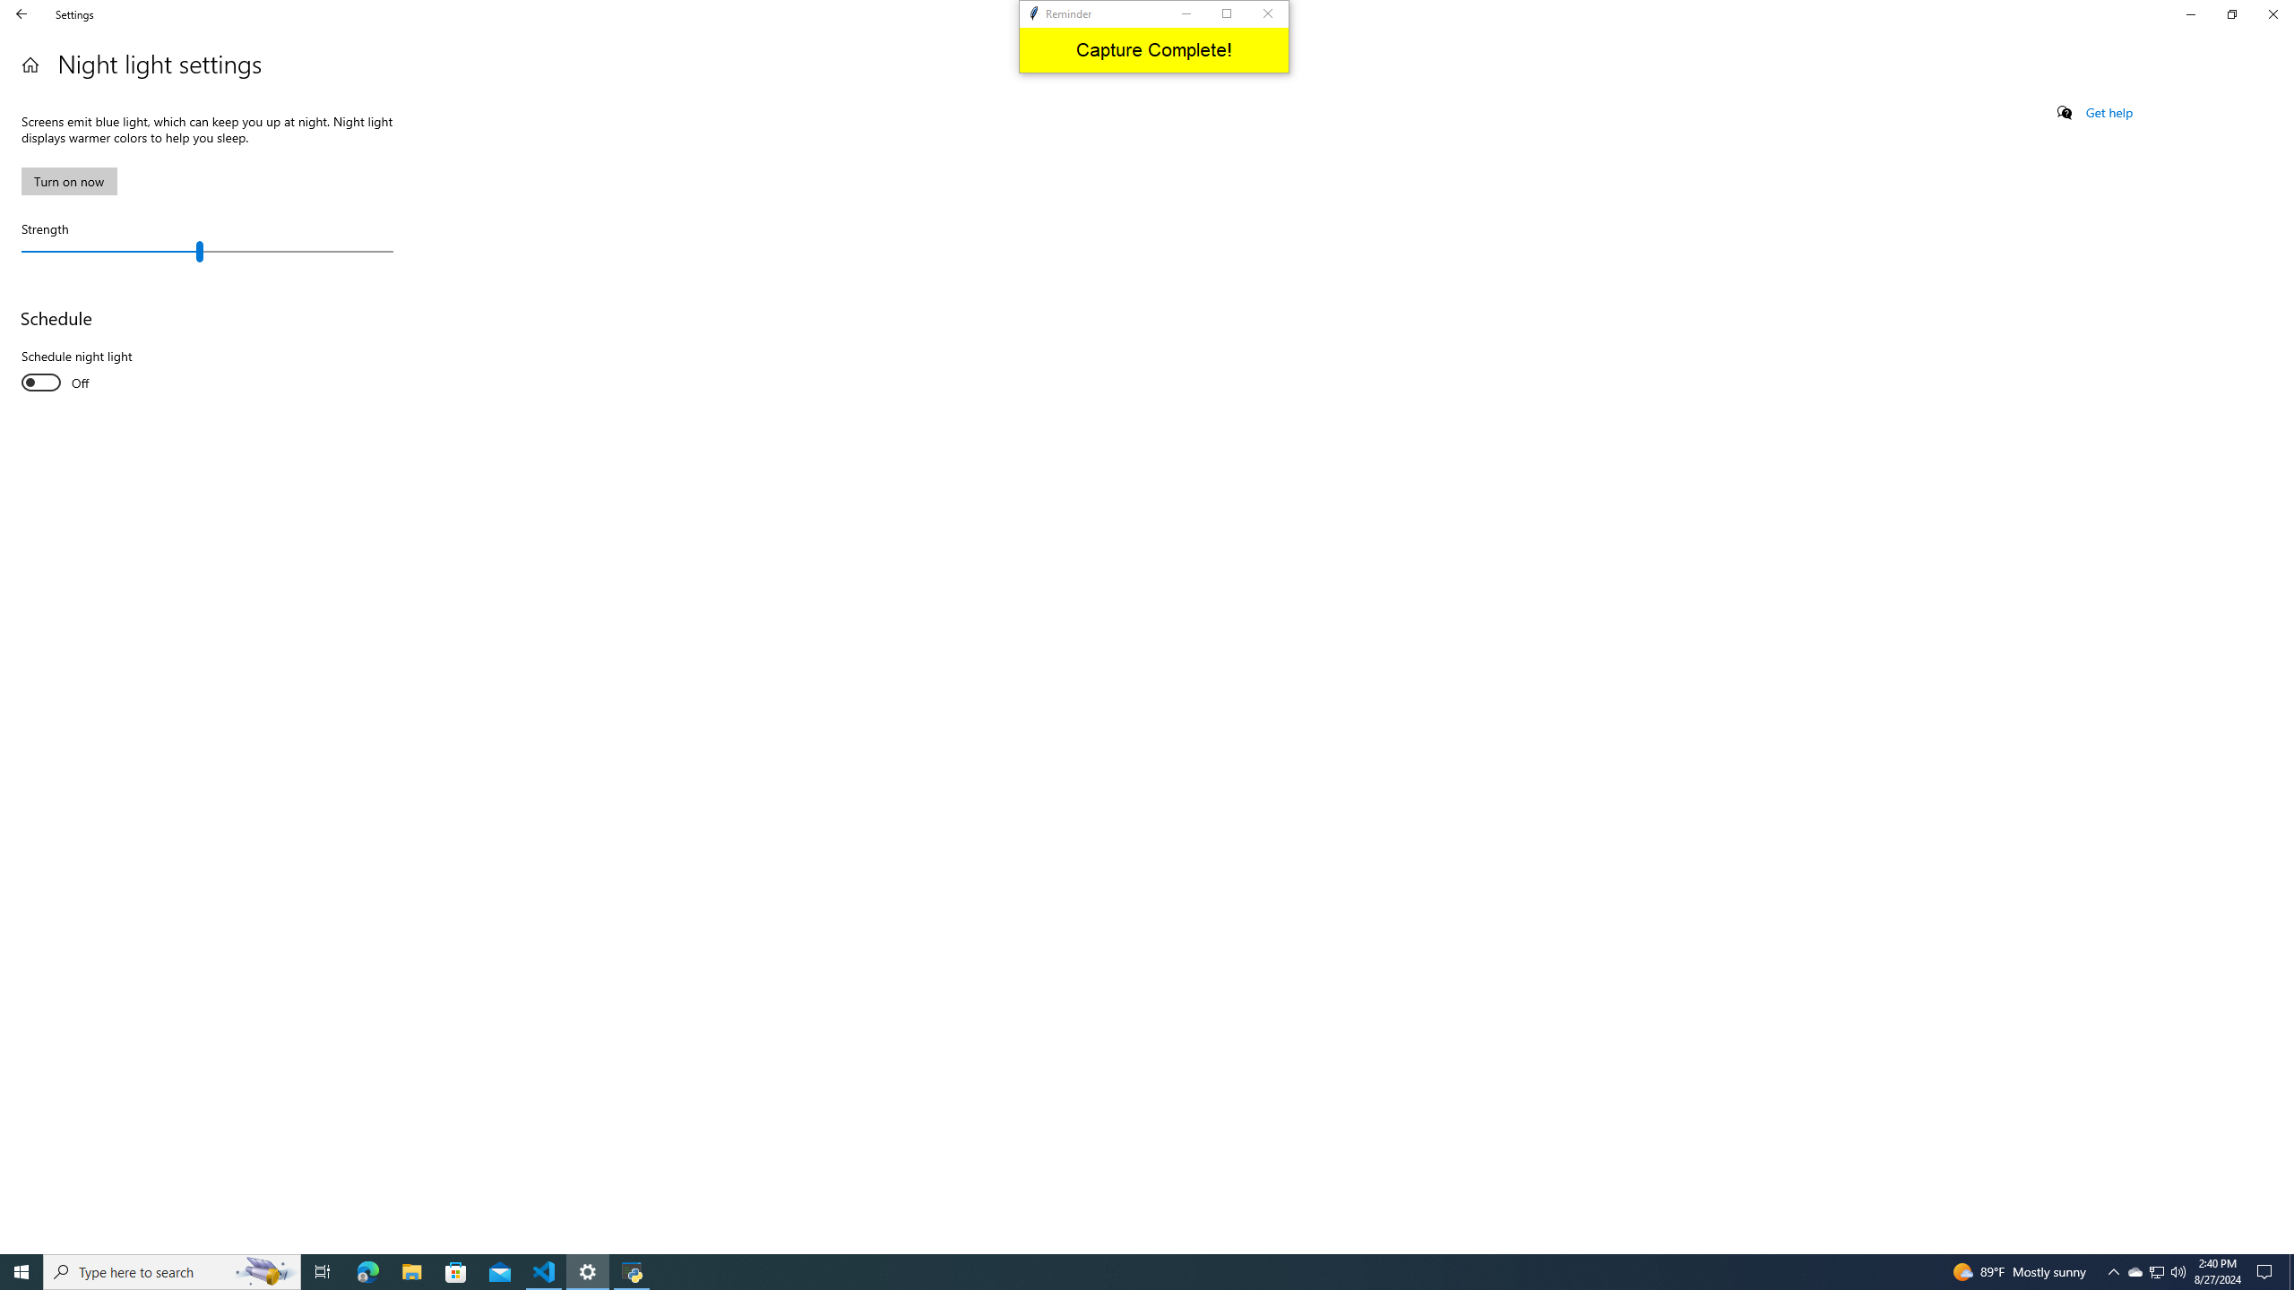  I want to click on 'Turn on now', so click(68, 181).